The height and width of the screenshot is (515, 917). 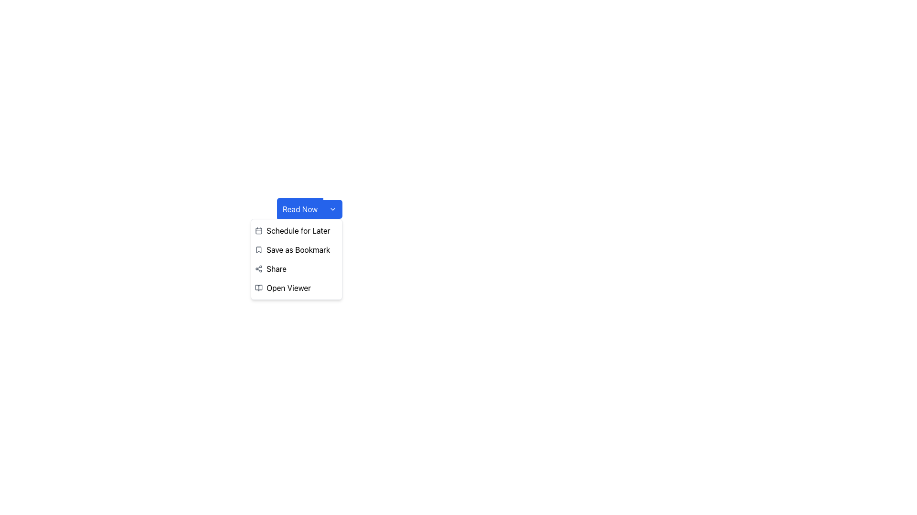 What do you see at coordinates (296, 259) in the screenshot?
I see `the second menu item in the 'Read Now' menu, which is used to bookmark the current context` at bounding box center [296, 259].